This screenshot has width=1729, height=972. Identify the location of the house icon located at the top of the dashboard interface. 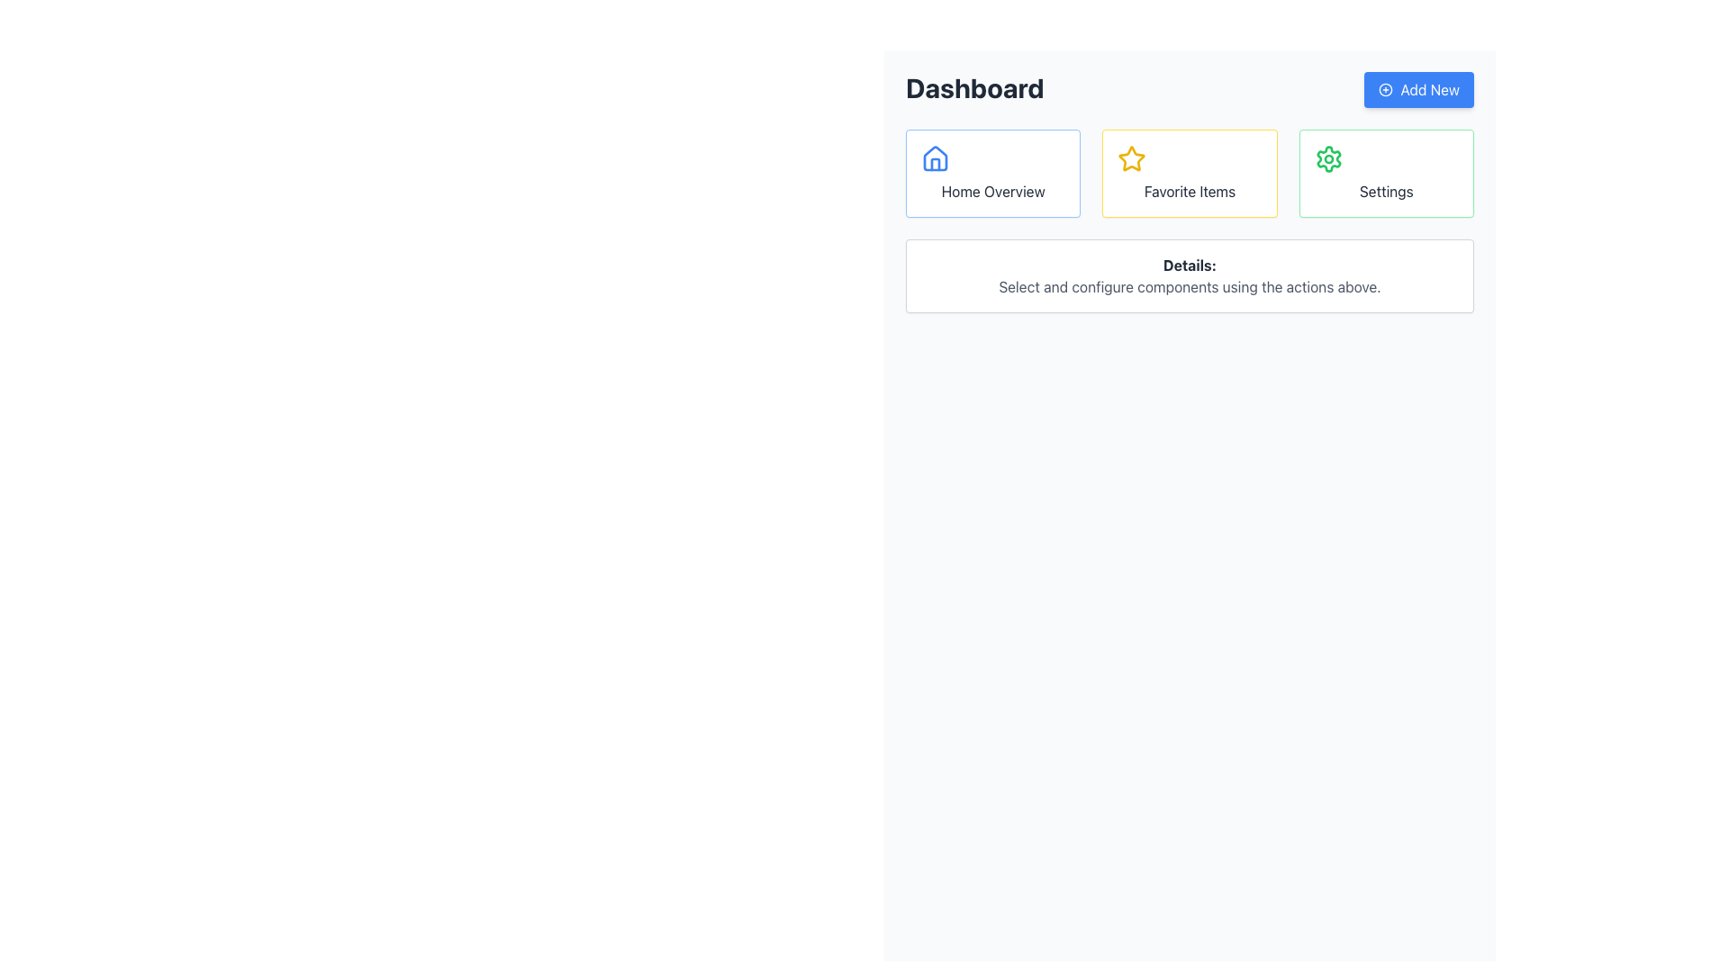
(935, 157).